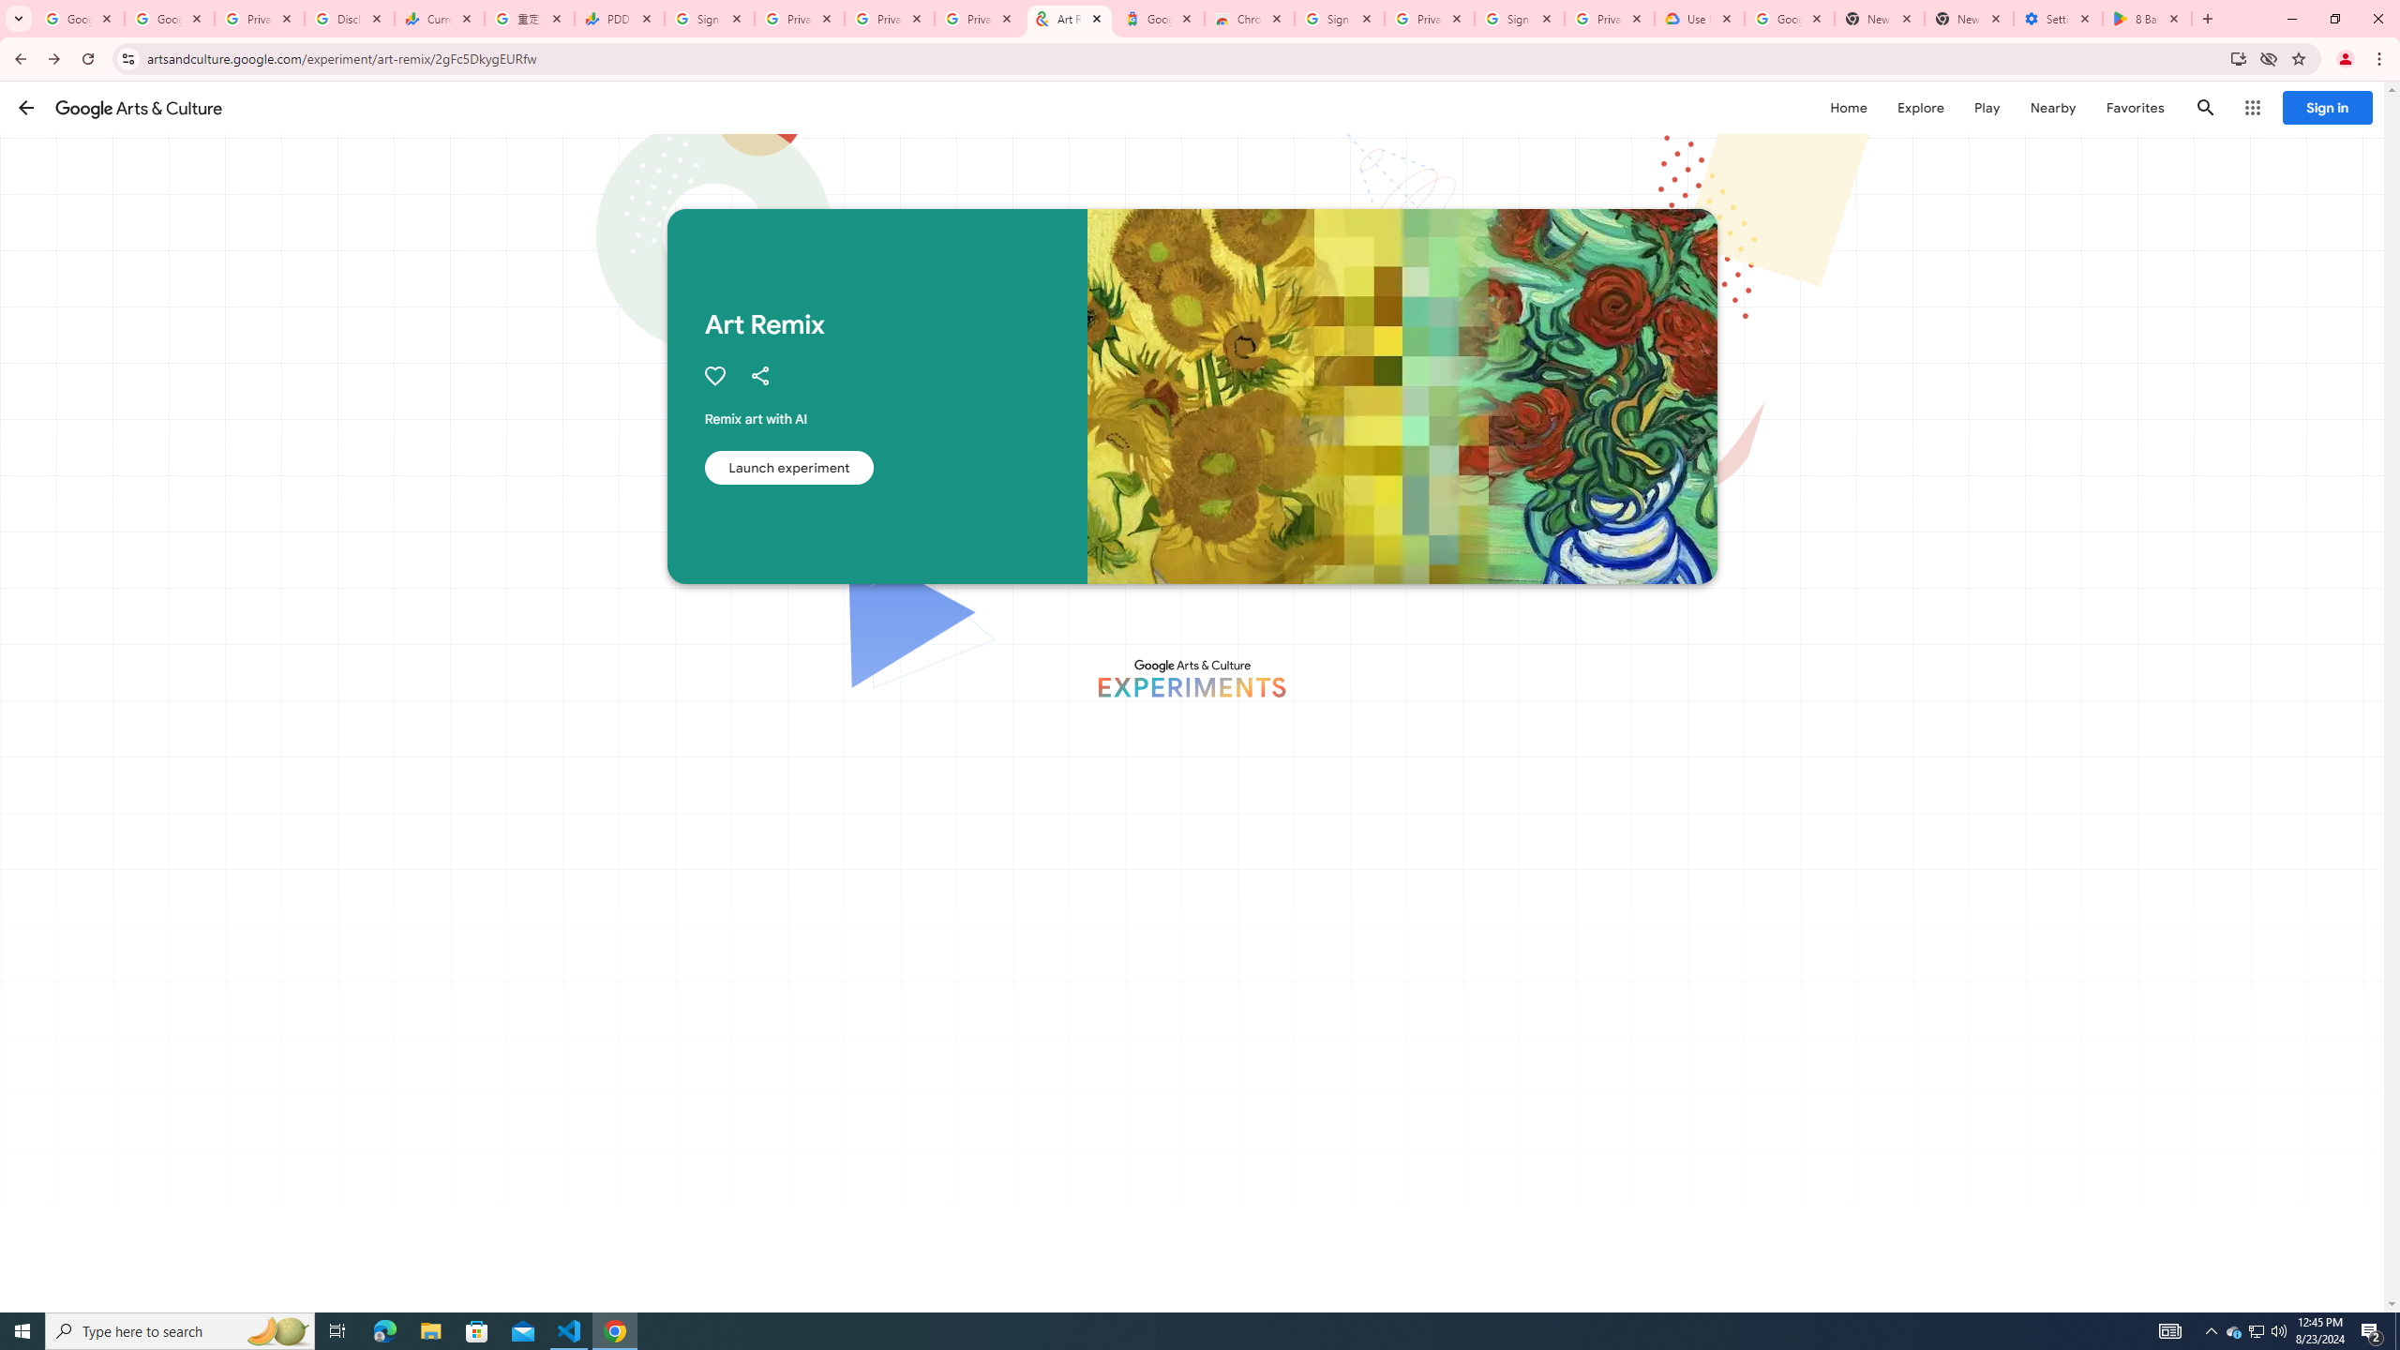  Describe the element at coordinates (1968, 18) in the screenshot. I see `'New Tab'` at that location.